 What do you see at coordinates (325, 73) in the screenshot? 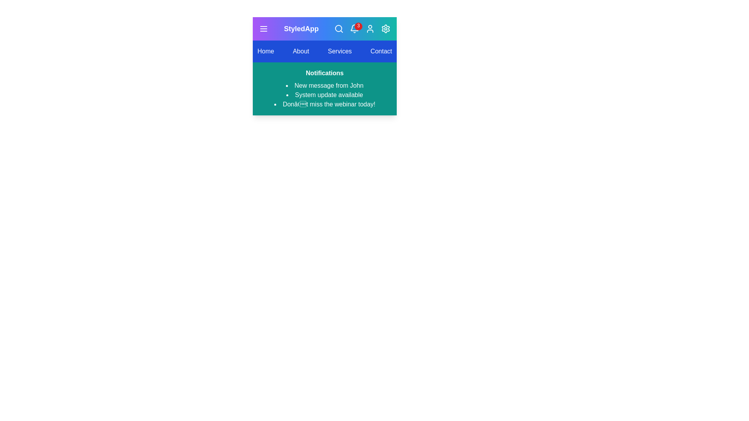
I see `the title label indicating the content of the notification section, located at the top-center of the teal-colored notification area just below the navigation bar` at bounding box center [325, 73].